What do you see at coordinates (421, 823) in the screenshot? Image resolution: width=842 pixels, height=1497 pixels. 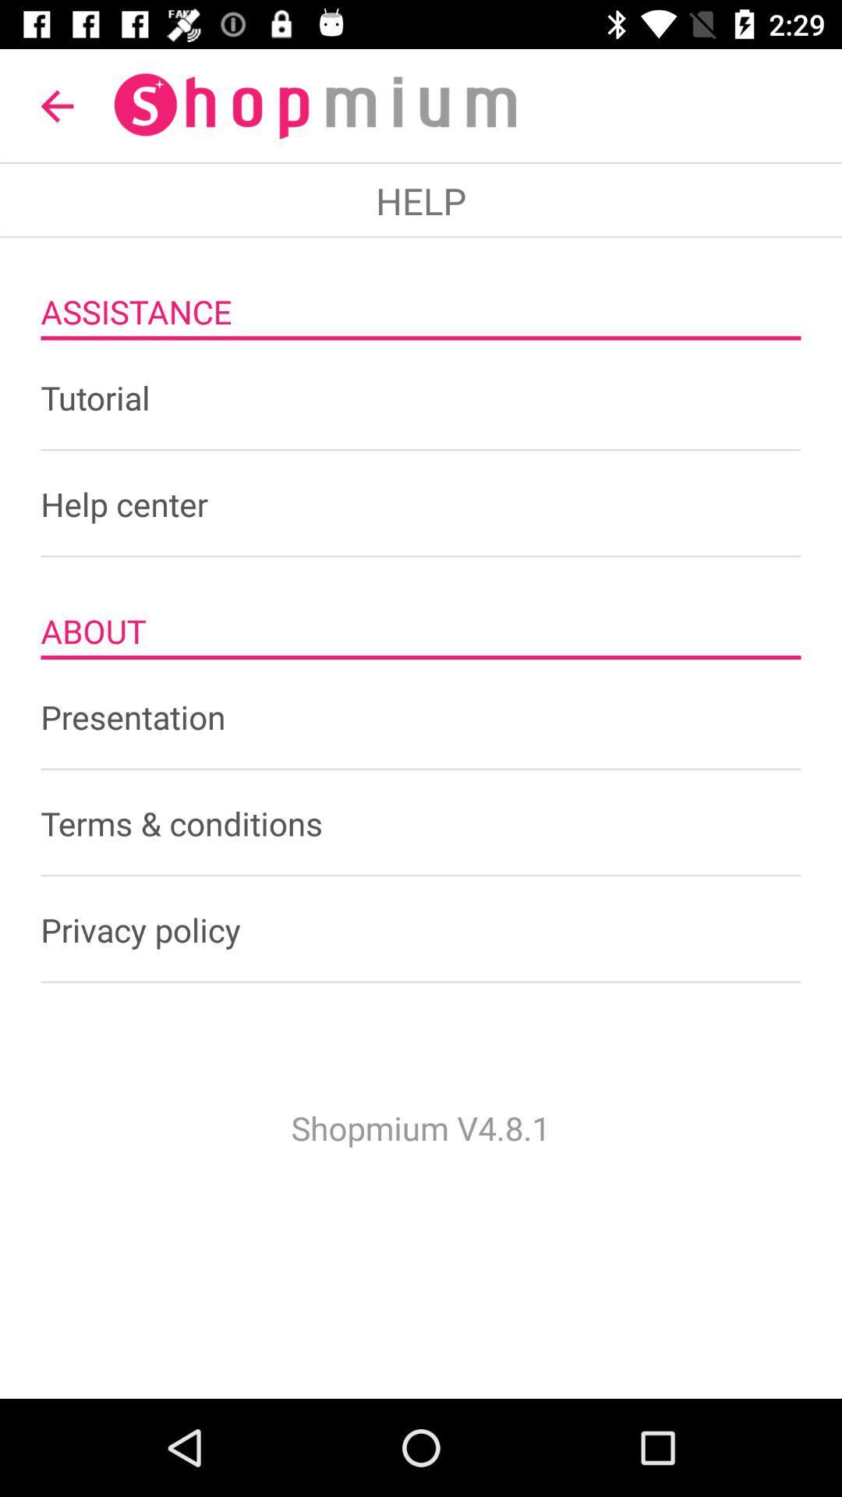 I see `the terms & conditions item` at bounding box center [421, 823].